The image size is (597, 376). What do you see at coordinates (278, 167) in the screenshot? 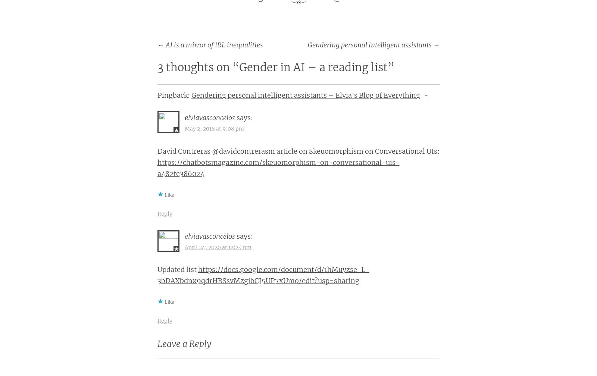
I see `'https://chatbotsmagazine.com/skeuomorphism-on-conversational-uis-a482fe386024'` at bounding box center [278, 167].